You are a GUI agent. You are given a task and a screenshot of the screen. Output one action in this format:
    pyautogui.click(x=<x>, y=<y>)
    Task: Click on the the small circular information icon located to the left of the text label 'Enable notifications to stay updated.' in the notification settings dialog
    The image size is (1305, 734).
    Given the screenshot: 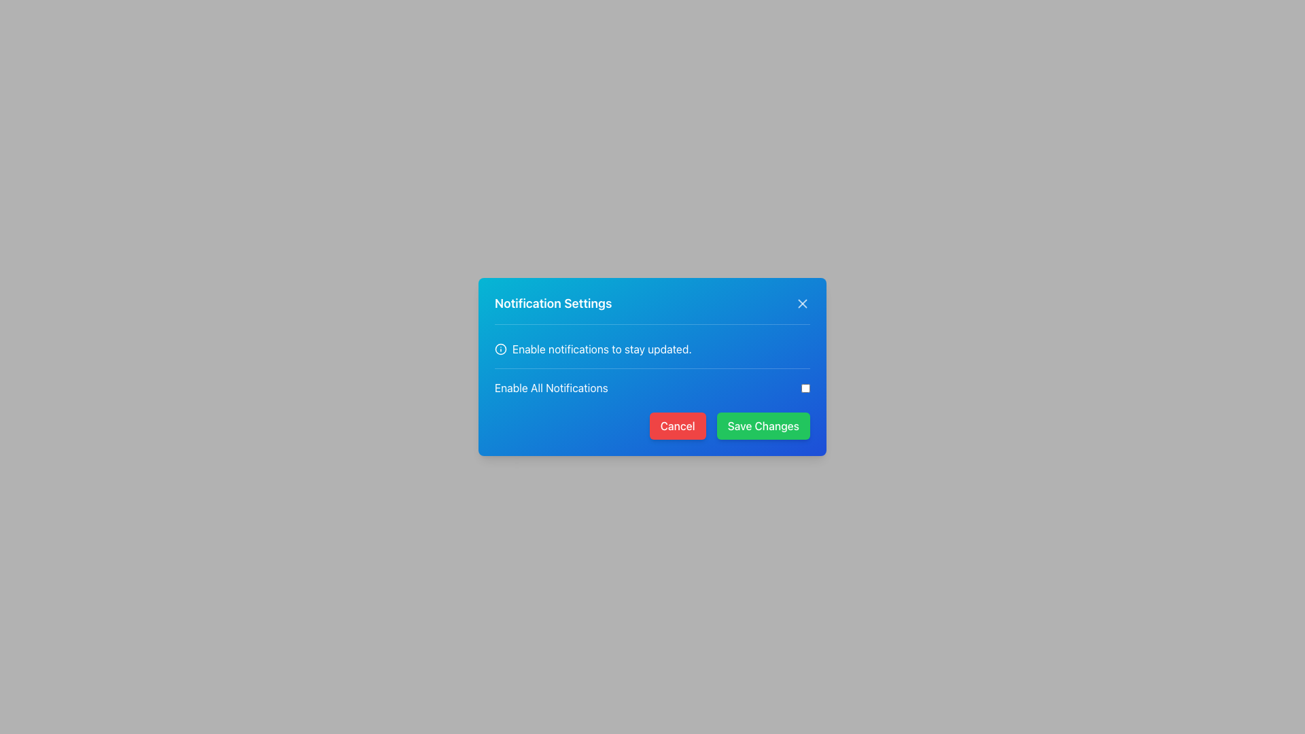 What is the action you would take?
    pyautogui.click(x=500, y=348)
    